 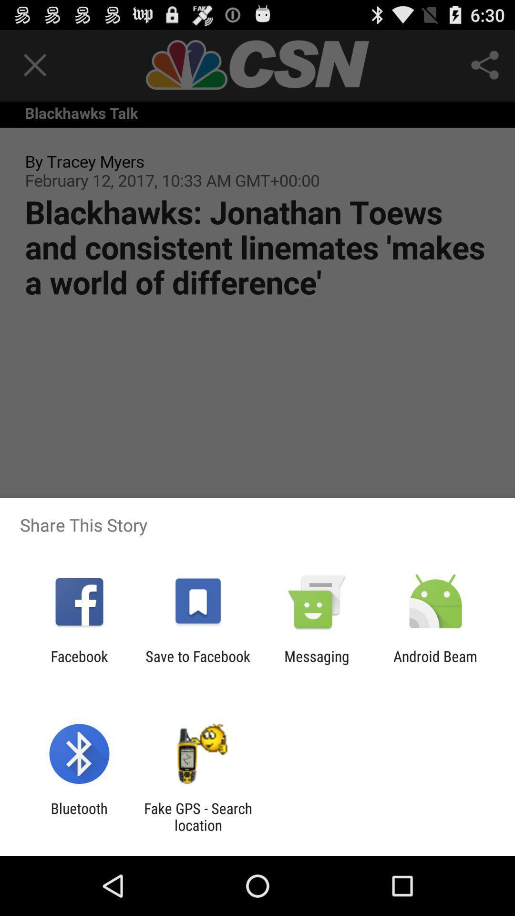 What do you see at coordinates (435, 664) in the screenshot?
I see `the item next to the messaging icon` at bounding box center [435, 664].